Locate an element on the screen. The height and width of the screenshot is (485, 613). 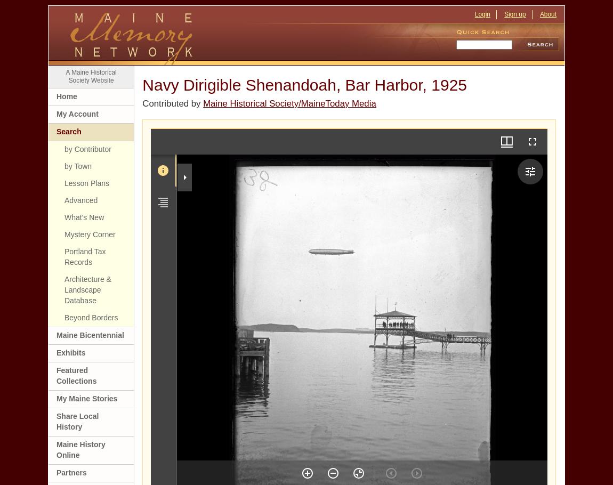
'About' is located at coordinates (547, 14).